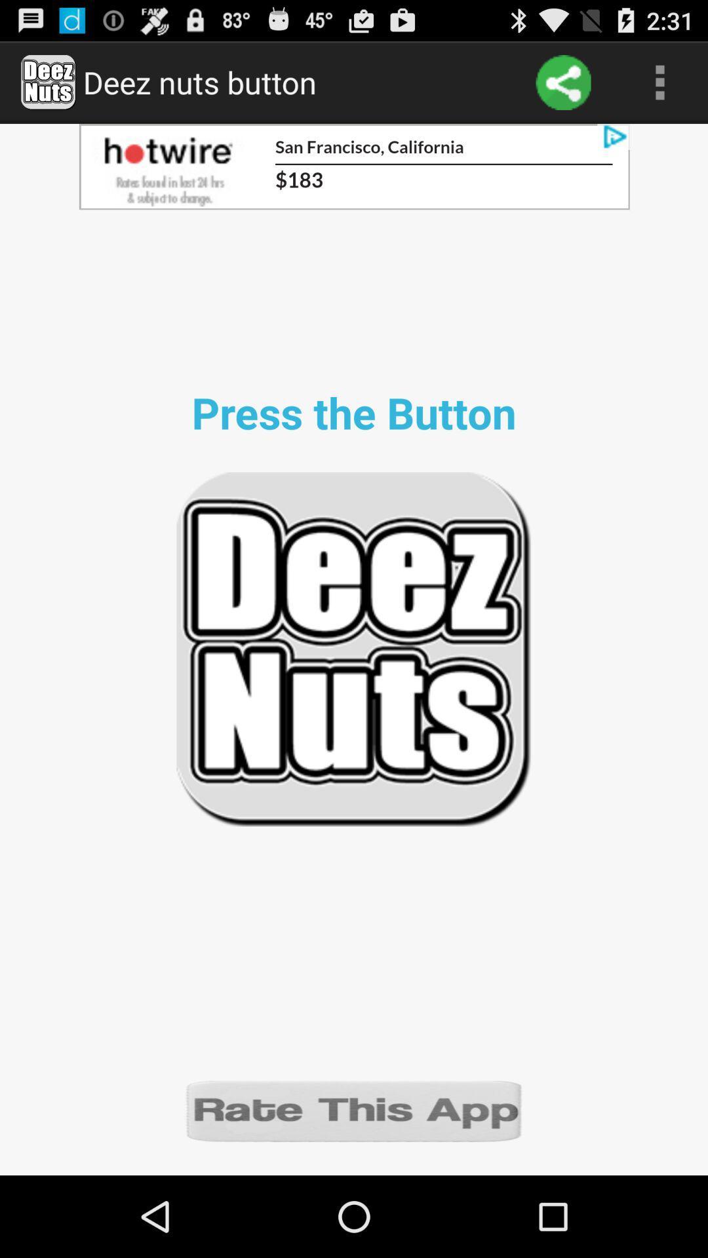  I want to click on rate this app, so click(354, 1109).